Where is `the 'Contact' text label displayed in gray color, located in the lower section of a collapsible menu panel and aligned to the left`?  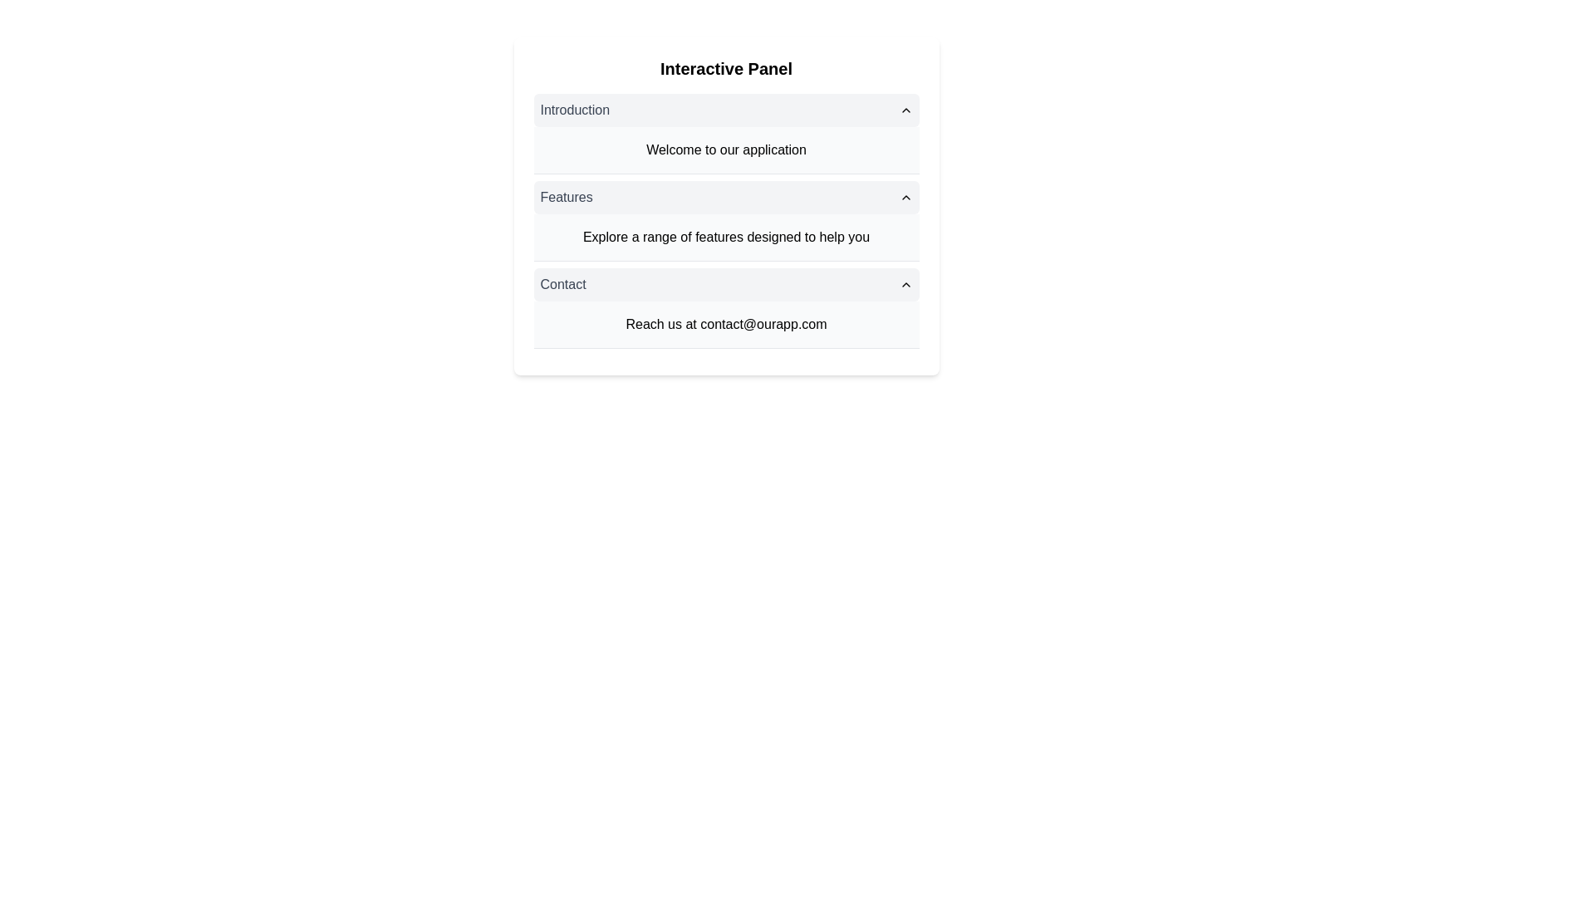
the 'Contact' text label displayed in gray color, located in the lower section of a collapsible menu panel and aligned to the left is located at coordinates (562, 284).